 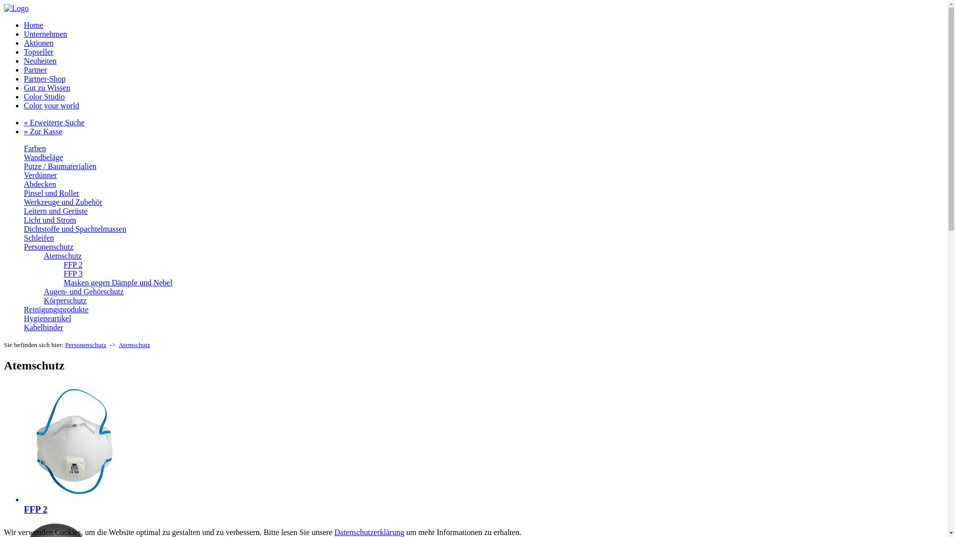 I want to click on 'Personenschutz', so click(x=48, y=246).